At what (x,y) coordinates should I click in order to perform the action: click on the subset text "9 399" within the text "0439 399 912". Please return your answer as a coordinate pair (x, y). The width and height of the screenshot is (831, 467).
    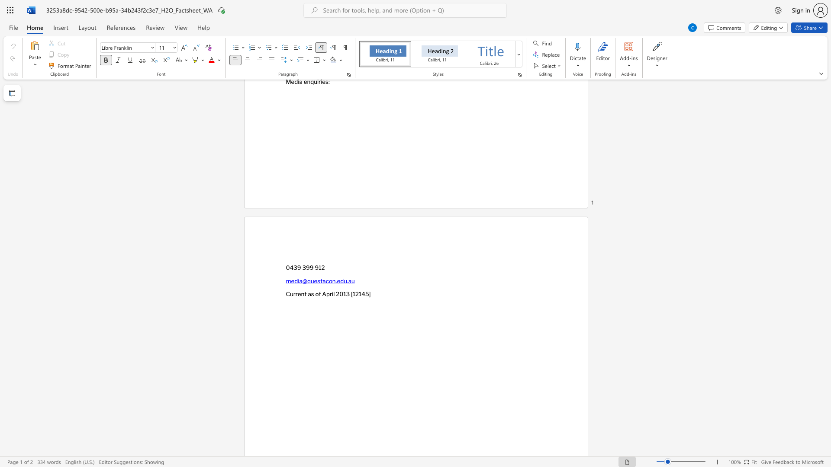
    Looking at the image, I should click on (297, 267).